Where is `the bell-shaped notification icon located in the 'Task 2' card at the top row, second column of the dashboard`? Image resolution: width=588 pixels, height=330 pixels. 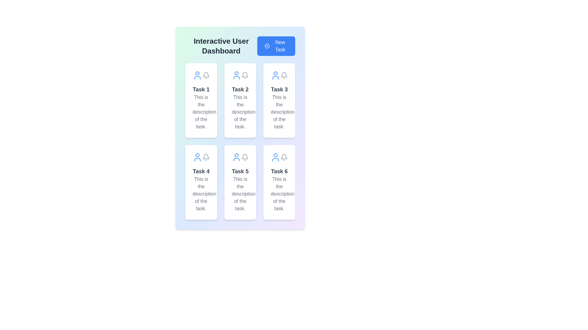 the bell-shaped notification icon located in the 'Task 2' card at the top row, second column of the dashboard is located at coordinates (245, 74).